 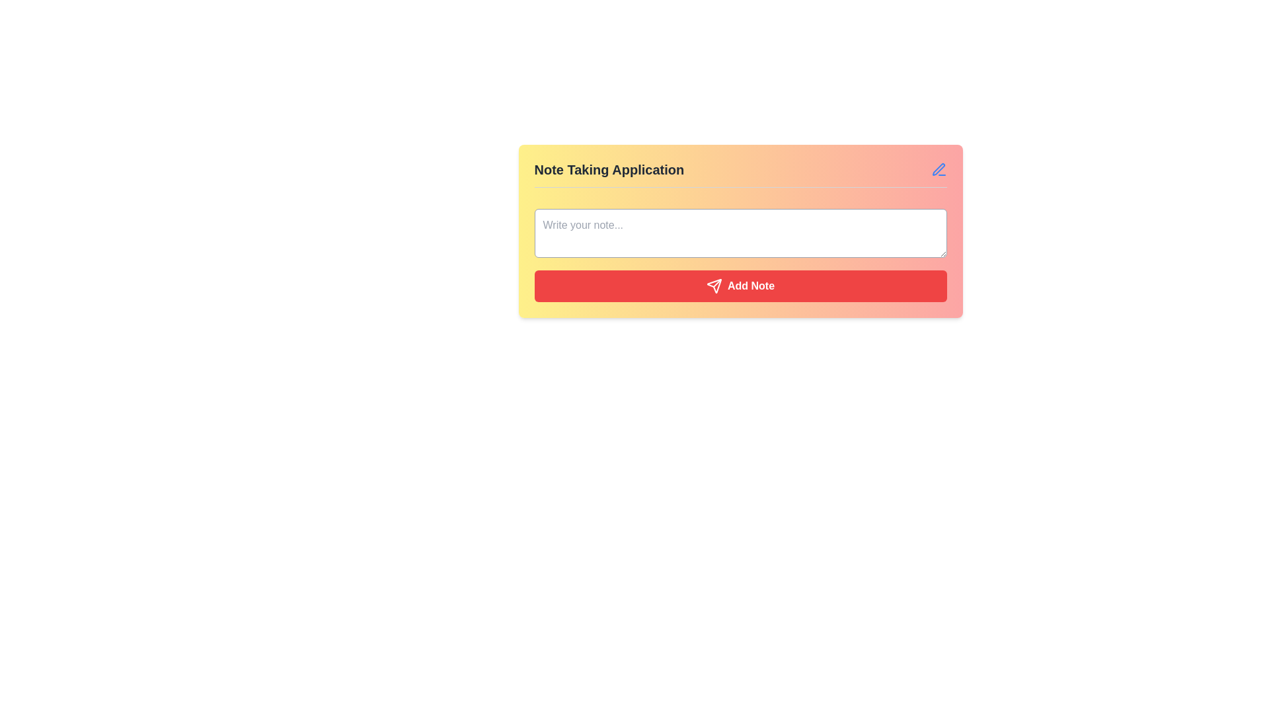 I want to click on the 'Add Note' button icon, which is located to the left of the text 'Add Note' within the button at the bottom of the interface, so click(x=713, y=285).